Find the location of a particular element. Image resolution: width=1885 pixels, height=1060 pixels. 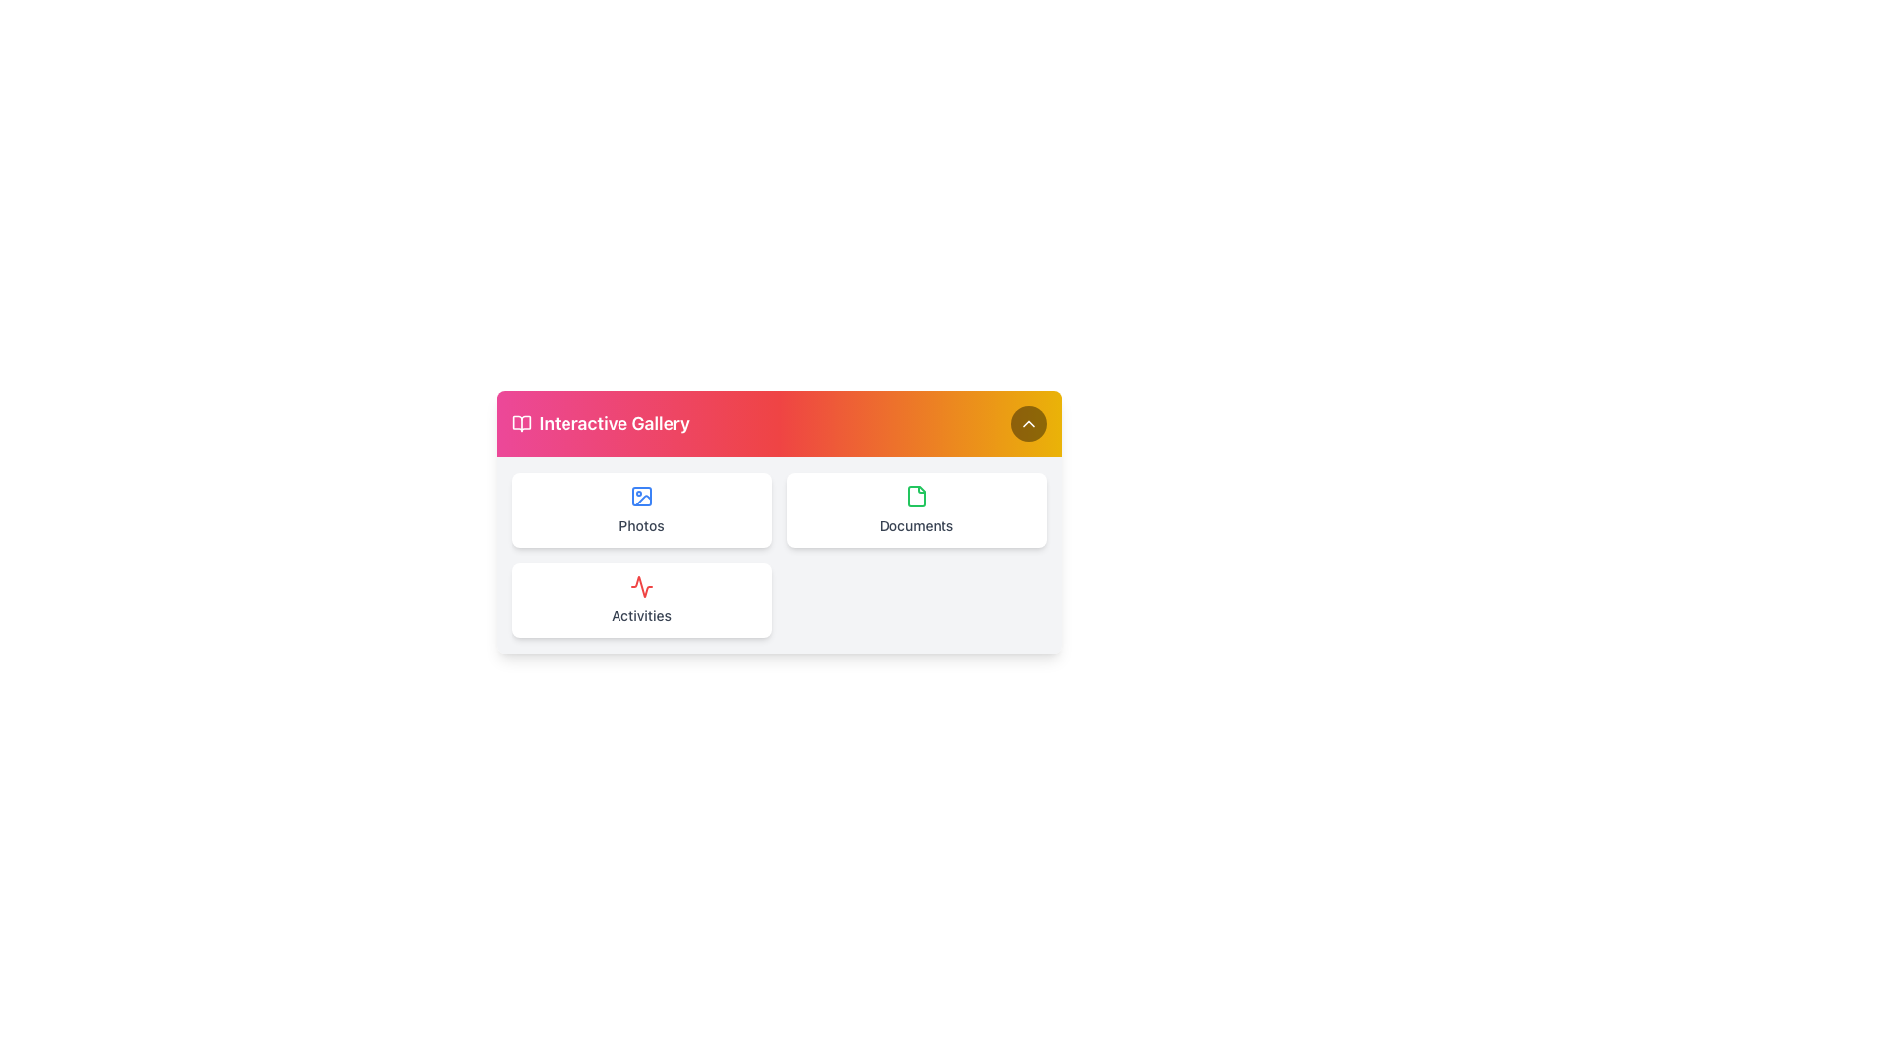

the 'Activities' icon, which serves as a visual identifier for the associated section or interactive feature located at the top of the rectangular section labeled 'Activities' is located at coordinates (641, 585).